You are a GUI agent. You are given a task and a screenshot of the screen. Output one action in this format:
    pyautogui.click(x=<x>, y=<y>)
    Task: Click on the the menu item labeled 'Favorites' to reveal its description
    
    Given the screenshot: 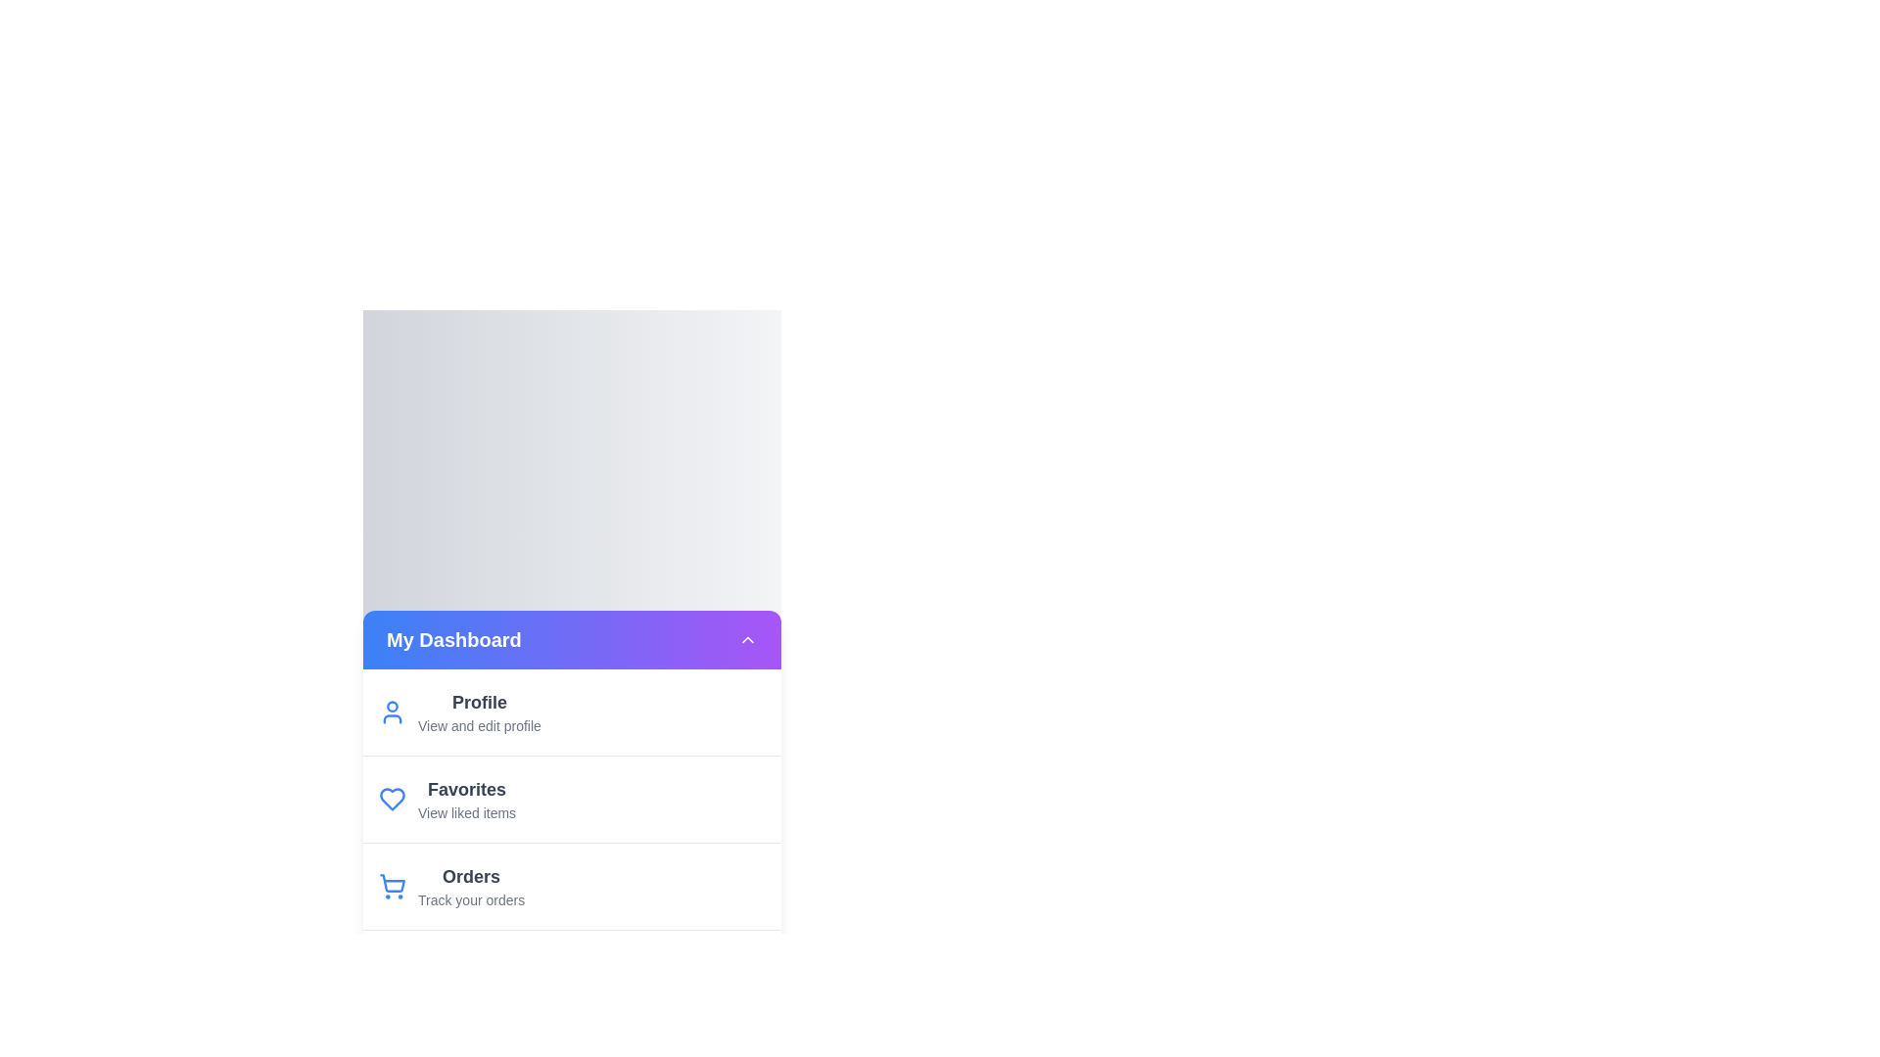 What is the action you would take?
    pyautogui.click(x=466, y=788)
    